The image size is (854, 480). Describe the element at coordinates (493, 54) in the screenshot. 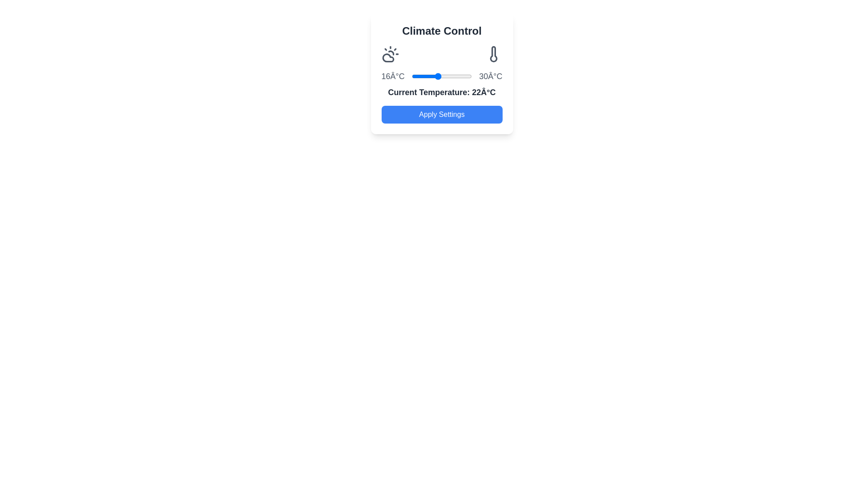

I see `the dark-gray thermometer icon with a circular bulb, which is the second icon in a horizontal arrangement at the top of the card, positioned to the right of a sun/cloud icon` at that location.